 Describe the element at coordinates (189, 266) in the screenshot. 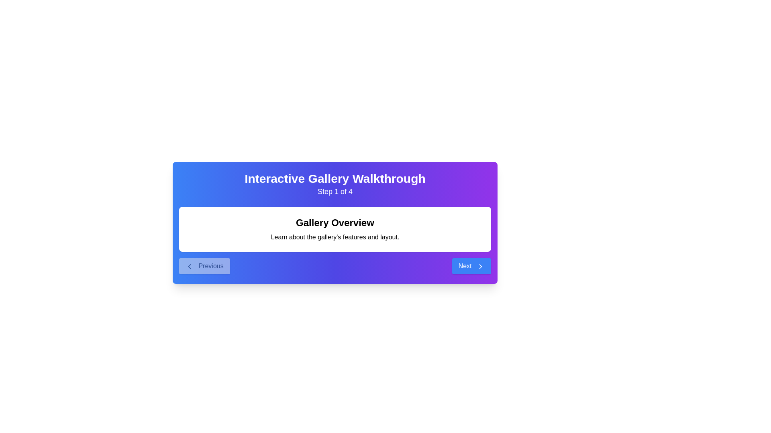

I see `the chevron icon located to the left of the 'Previous' text in the 'Previous' button at the lower left of the 'Interactive Gallery Walkthrough' dialog box` at that location.